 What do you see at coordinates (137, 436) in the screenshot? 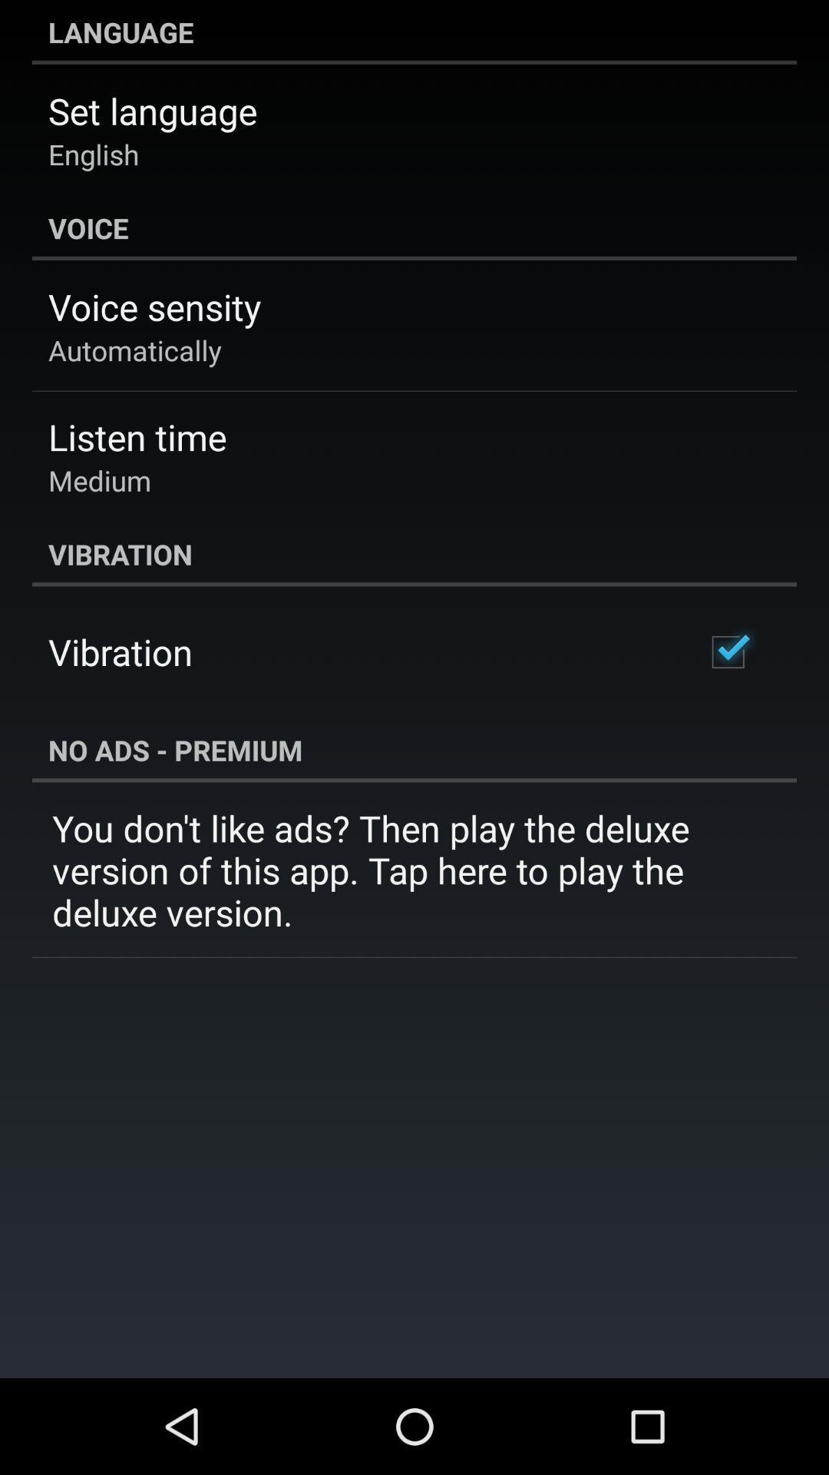
I see `listen time icon` at bounding box center [137, 436].